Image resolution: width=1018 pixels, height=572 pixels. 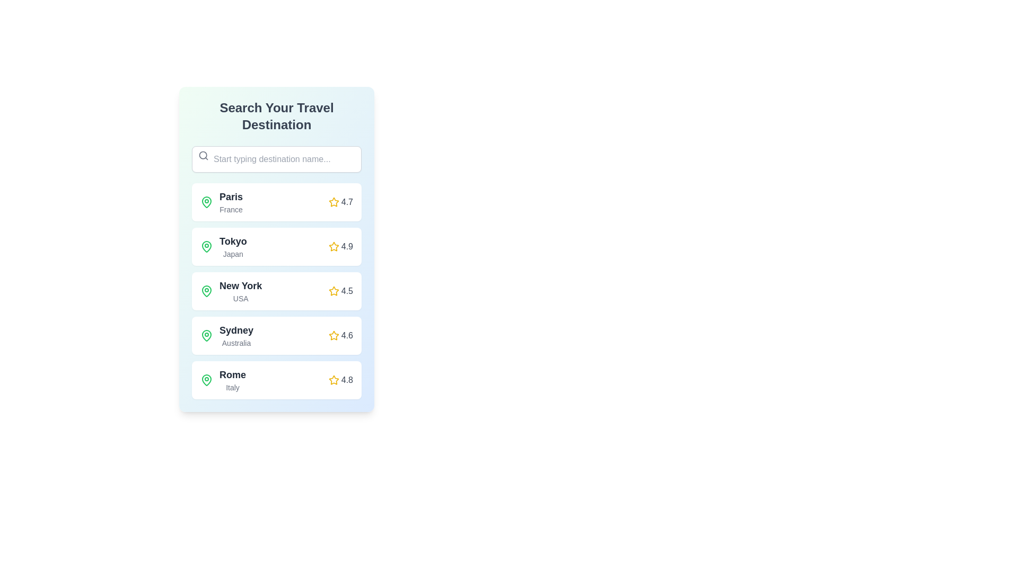 What do you see at coordinates (236, 343) in the screenshot?
I see `the text label element displaying 'Australia' in gray color, located below the main city name 'Sydney'` at bounding box center [236, 343].